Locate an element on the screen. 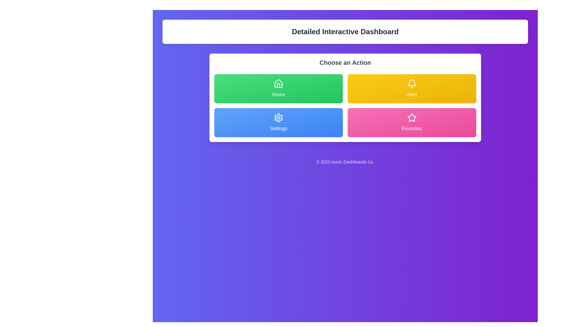 The height and width of the screenshot is (327, 582). the 'Home' button with a gradient green background and white text to trigger the shadow animation is located at coordinates (278, 89).